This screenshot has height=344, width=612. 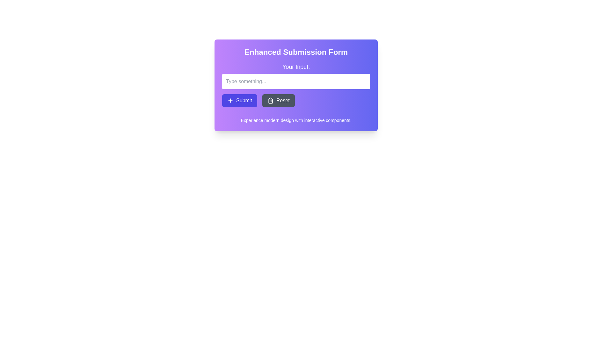 What do you see at coordinates (296, 120) in the screenshot?
I see `the static text element that reads 'Experience modern design with interactive components.' positioned at the bottom-center of a gradient card` at bounding box center [296, 120].